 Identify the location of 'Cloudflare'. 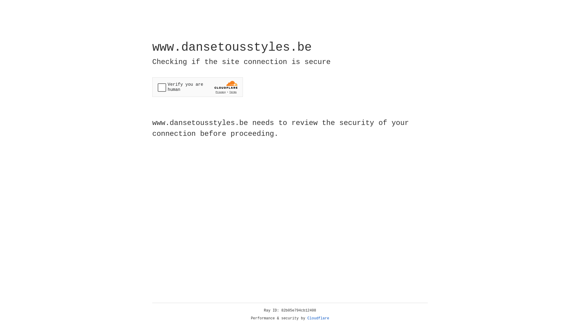
(318, 318).